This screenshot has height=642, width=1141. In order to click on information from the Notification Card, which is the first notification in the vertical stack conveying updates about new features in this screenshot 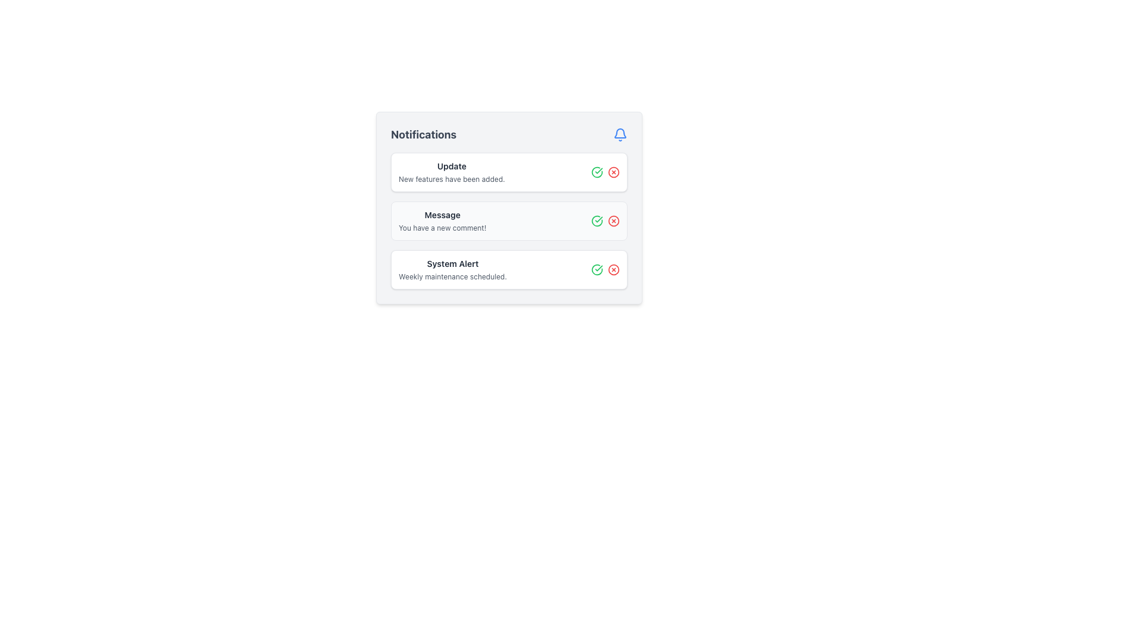, I will do `click(509, 172)`.